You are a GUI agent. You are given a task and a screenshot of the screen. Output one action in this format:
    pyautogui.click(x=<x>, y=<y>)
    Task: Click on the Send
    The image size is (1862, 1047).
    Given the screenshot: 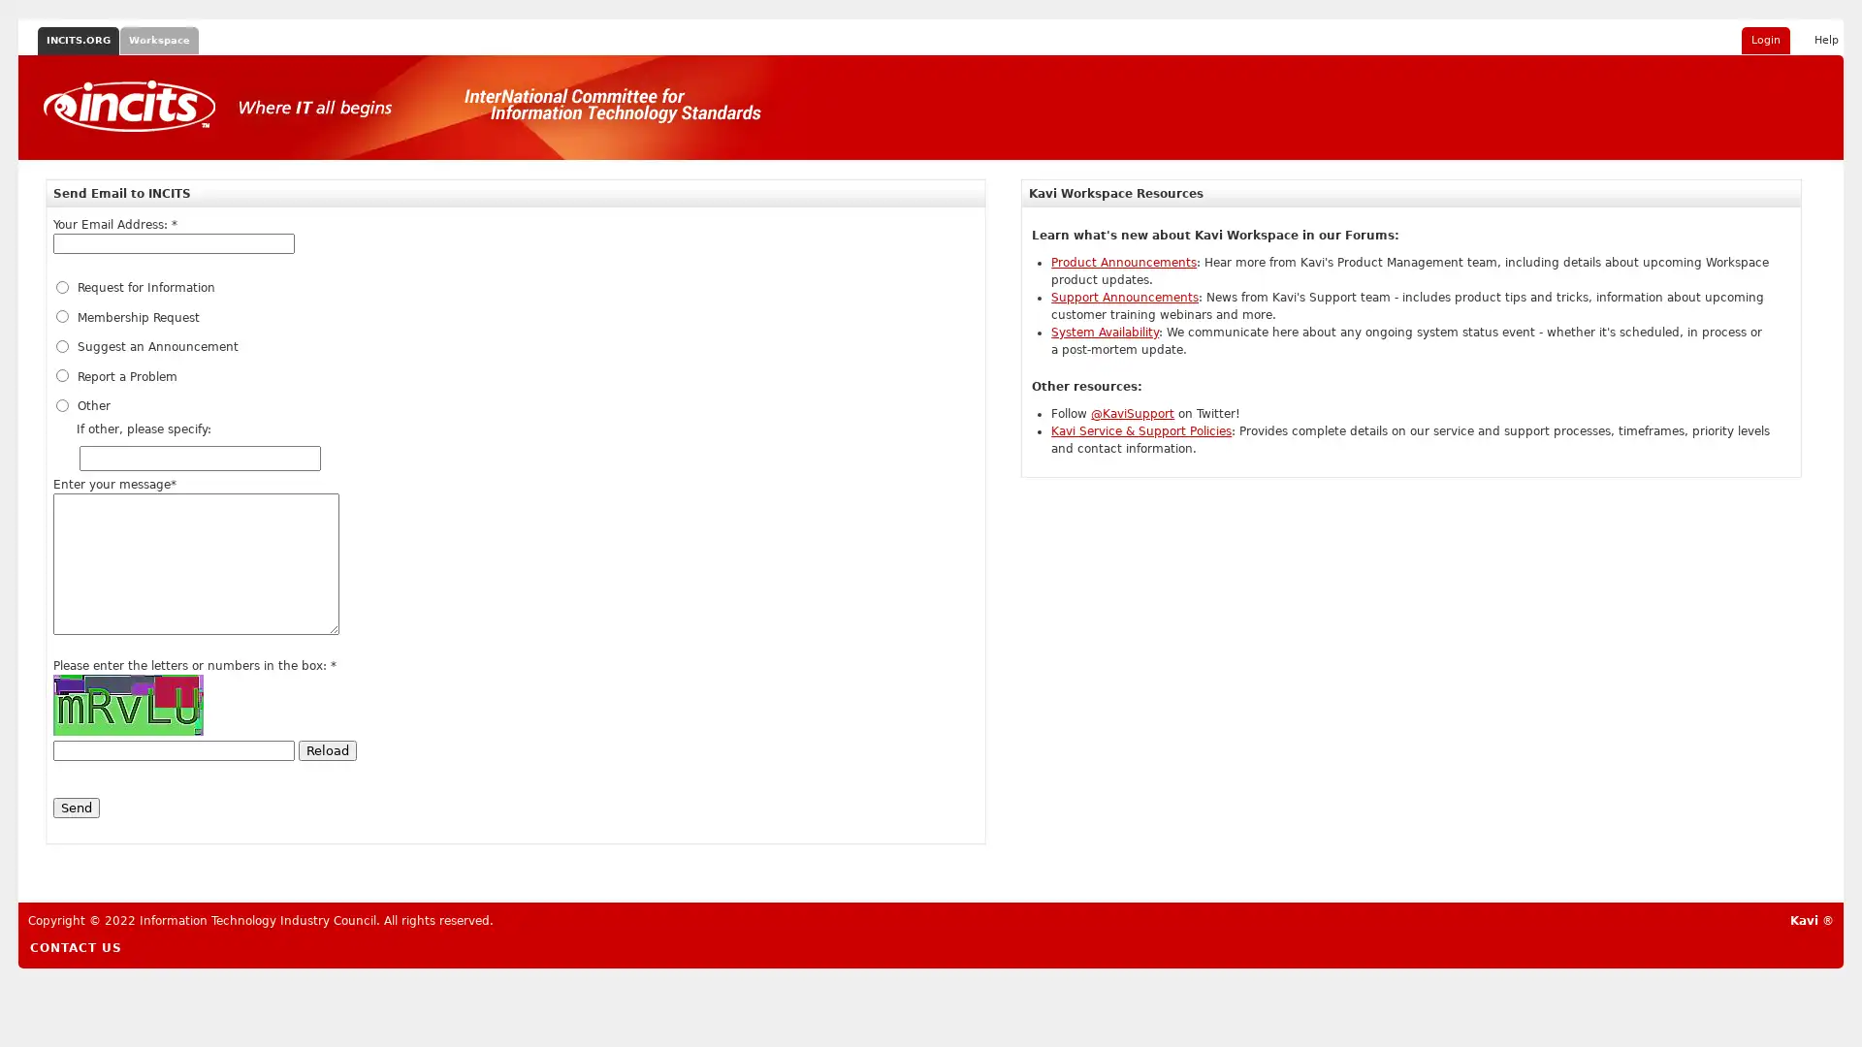 What is the action you would take?
    pyautogui.click(x=76, y=808)
    